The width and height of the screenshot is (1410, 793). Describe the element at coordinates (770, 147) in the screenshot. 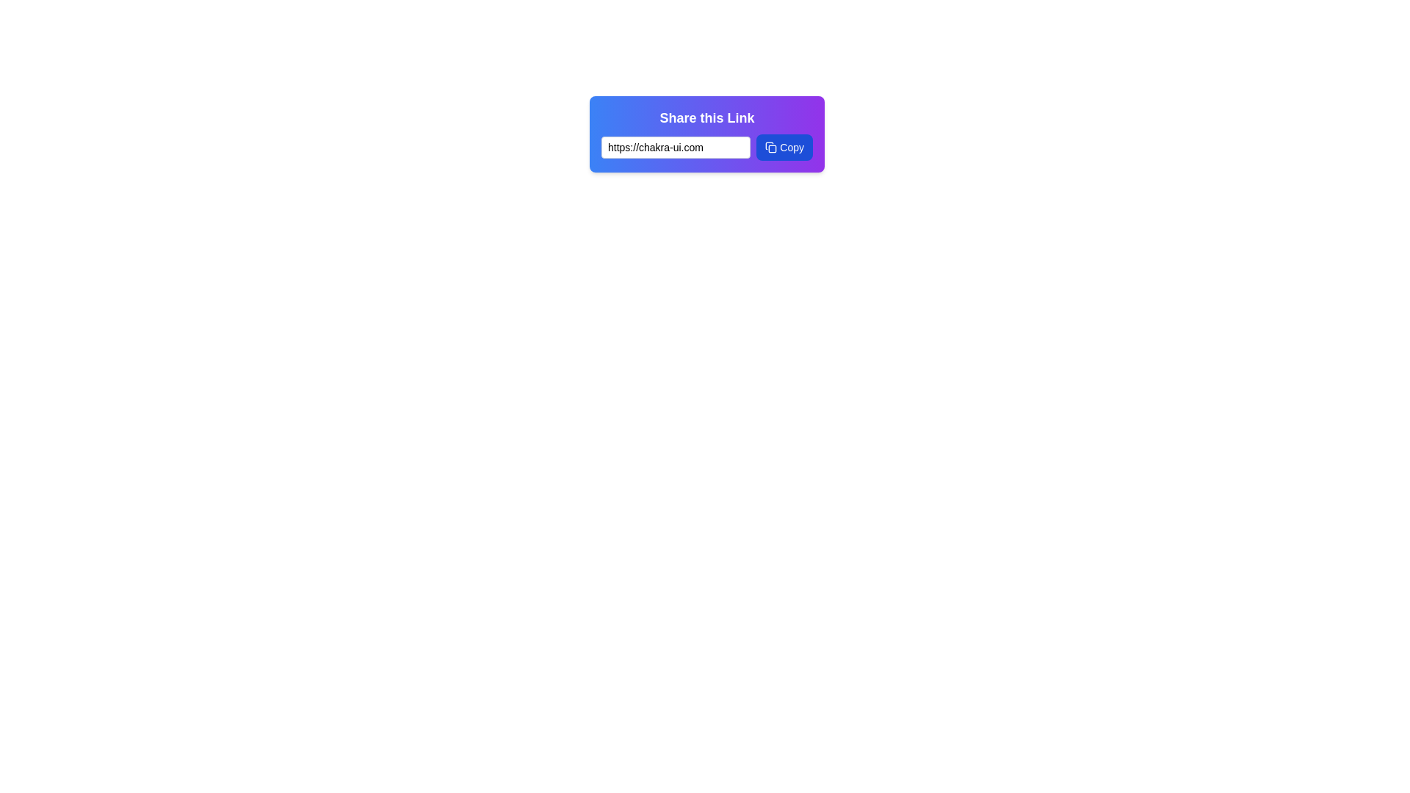

I see `the 'Copy' button containing the small blue and white icon representing two stacked rectangles` at that location.